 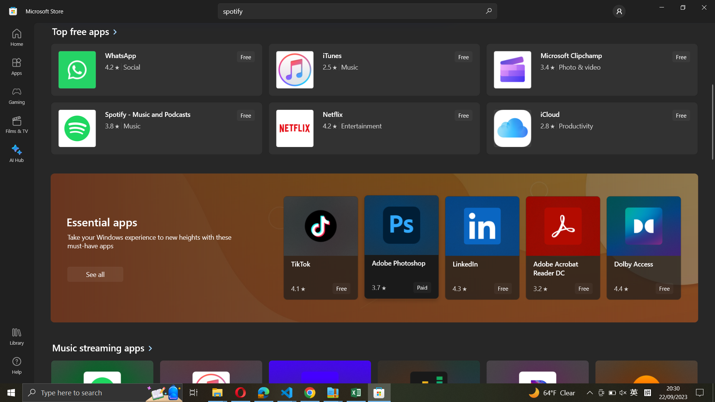 I want to click on the Library, so click(x=16, y=337).